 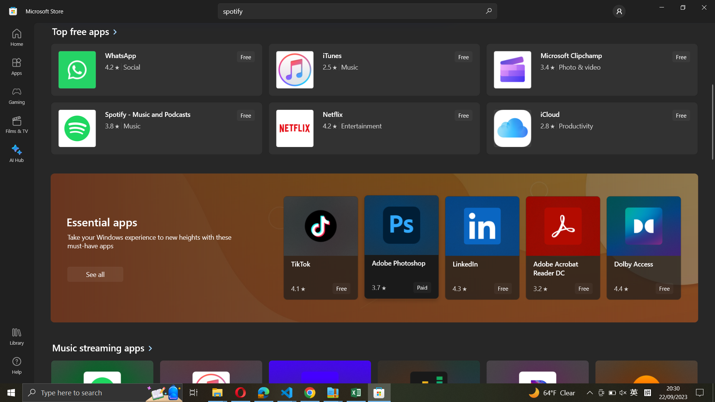 I want to click on the Library, so click(x=16, y=337).